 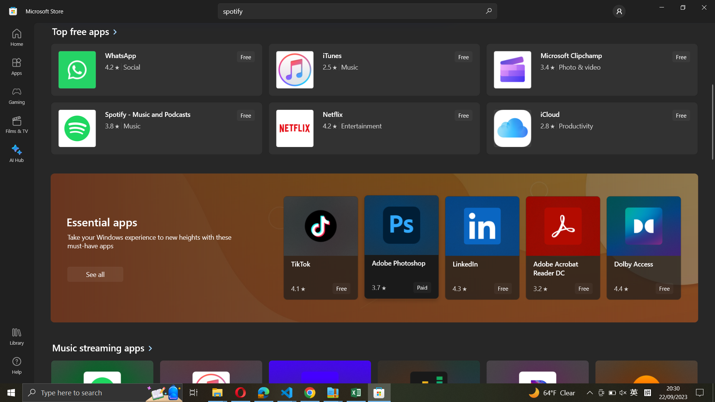 I want to click on the Library, so click(x=16, y=337).